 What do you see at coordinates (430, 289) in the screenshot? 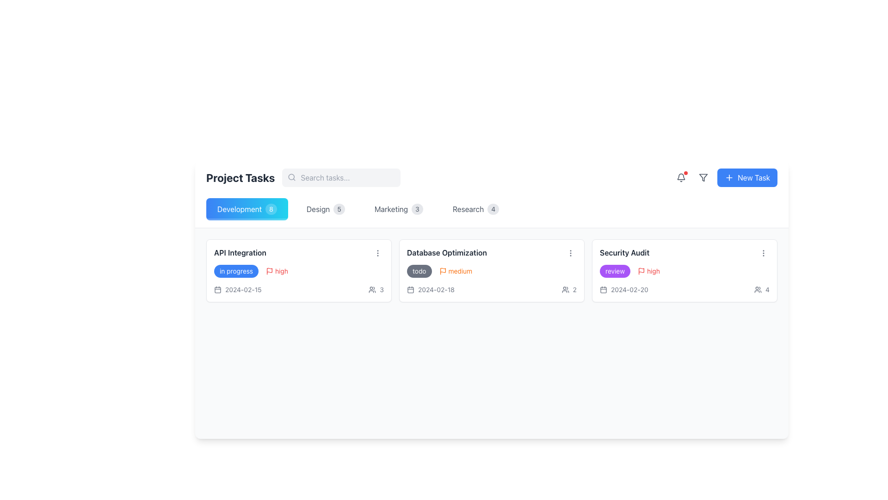
I see `the calendar icon and date '2024-02-18' in the bottom left section of the 'Database Optimization' task card` at bounding box center [430, 289].